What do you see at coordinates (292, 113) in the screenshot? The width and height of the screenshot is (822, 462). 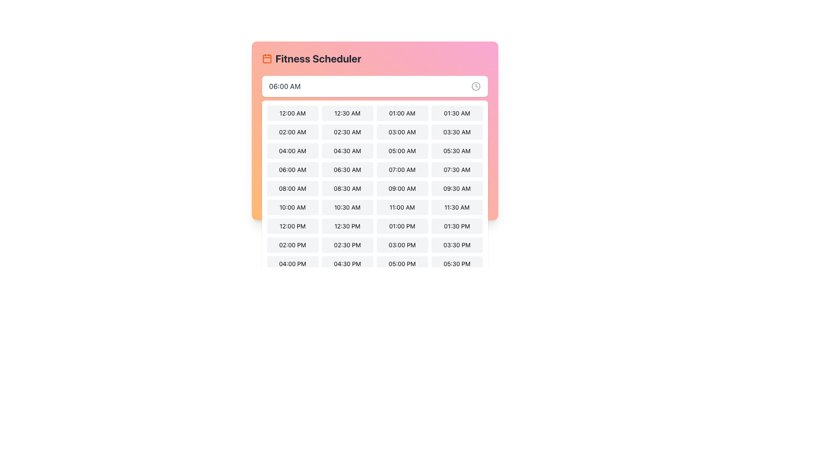 I see `the '12:00 AM' button with a gray background in the time picker to change its background color` at bounding box center [292, 113].